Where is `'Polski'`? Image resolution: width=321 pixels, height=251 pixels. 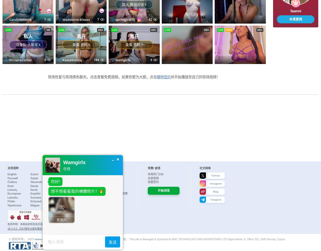
'Polski' is located at coordinates (7, 201).